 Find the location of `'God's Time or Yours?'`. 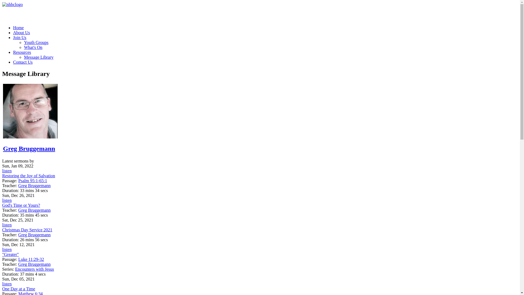

'God's Time or Yours?' is located at coordinates (21, 205).